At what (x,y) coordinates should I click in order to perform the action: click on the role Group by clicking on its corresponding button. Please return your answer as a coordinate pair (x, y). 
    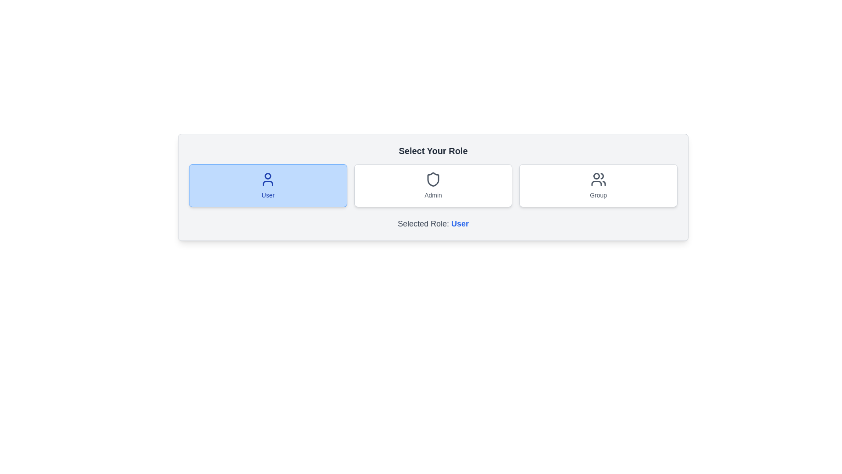
    Looking at the image, I should click on (597, 185).